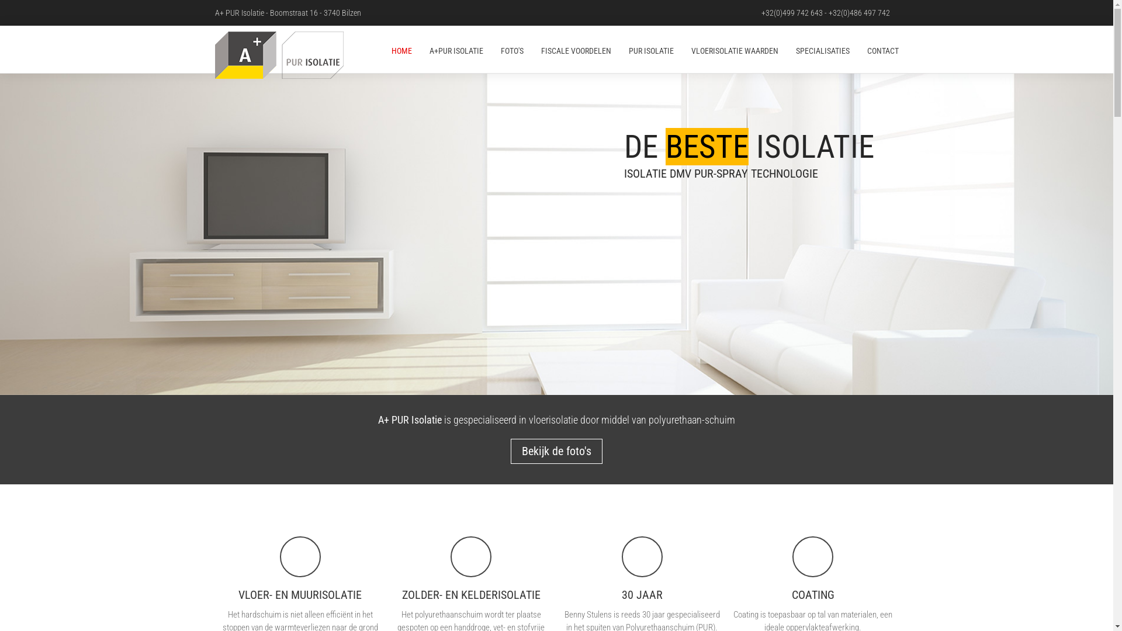 This screenshot has width=1122, height=631. What do you see at coordinates (491, 48) in the screenshot?
I see `'FOTO'S'` at bounding box center [491, 48].